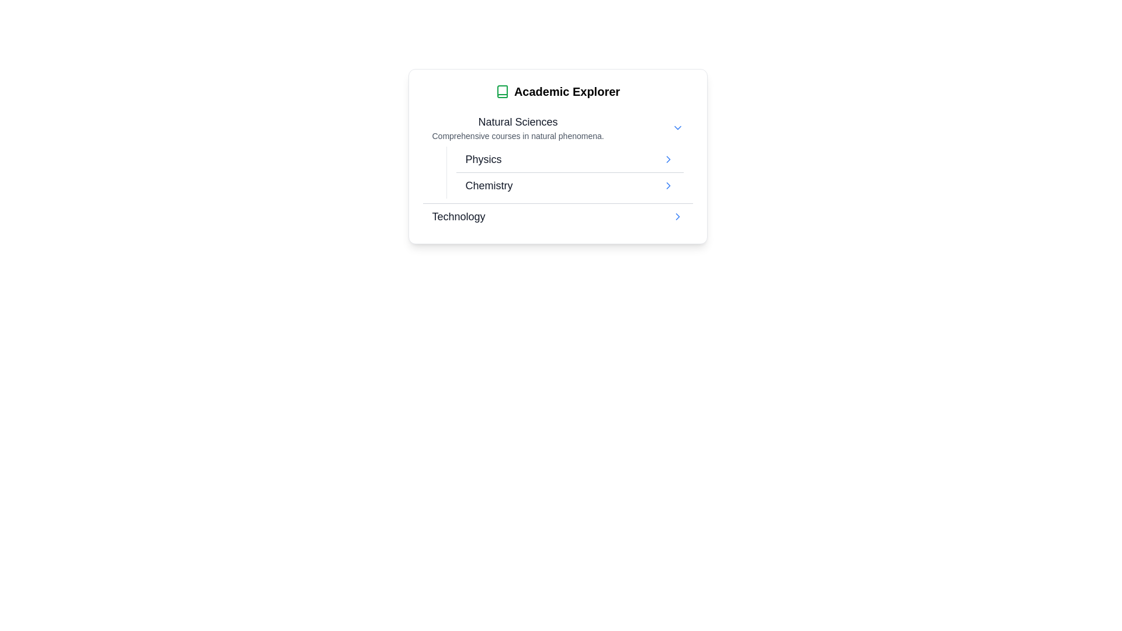  What do you see at coordinates (517, 122) in the screenshot?
I see `the 'Natural Sciences' text label, which serves as a category title under 'Academic Explorer' and above the description about natural phenomena` at bounding box center [517, 122].